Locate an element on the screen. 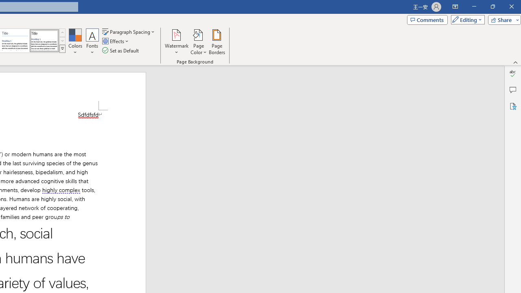  'Page Color' is located at coordinates (199, 42).